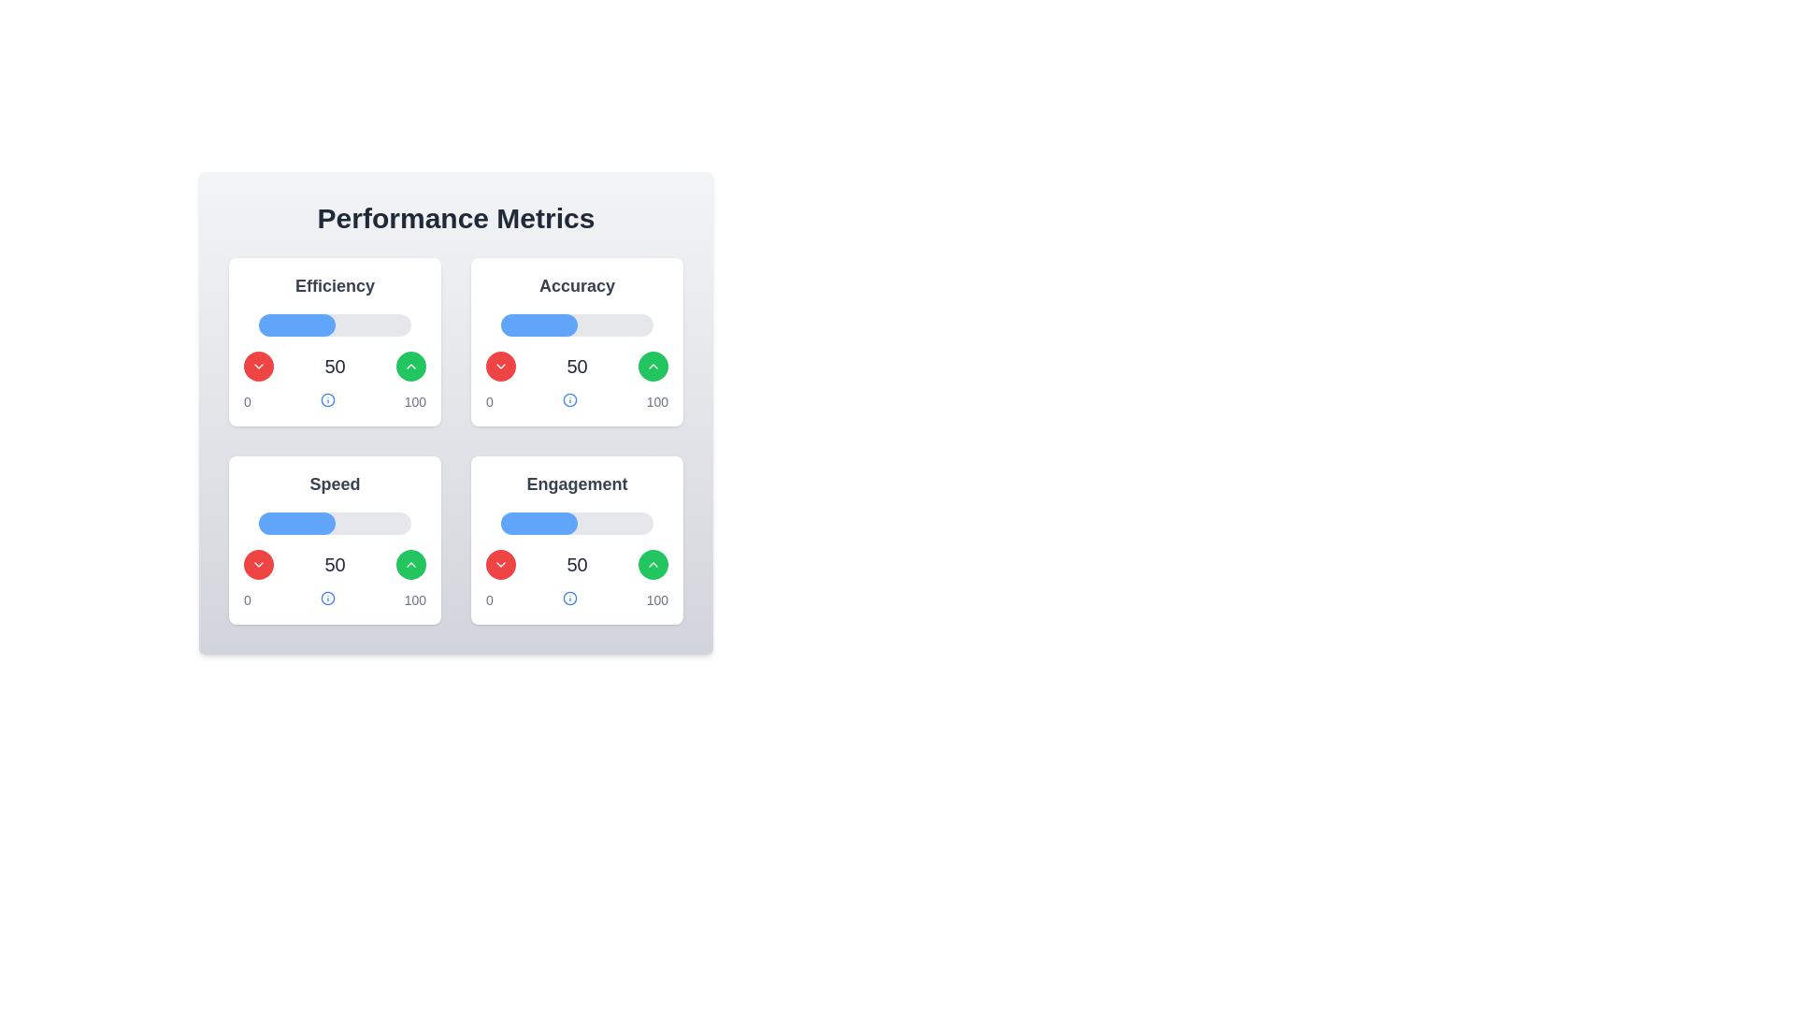  What do you see at coordinates (335, 367) in the screenshot?
I see `displayed value of the bold number '50' text label, which is centrally positioned between a red circular icon and a green circular icon in the performance metrics section` at bounding box center [335, 367].